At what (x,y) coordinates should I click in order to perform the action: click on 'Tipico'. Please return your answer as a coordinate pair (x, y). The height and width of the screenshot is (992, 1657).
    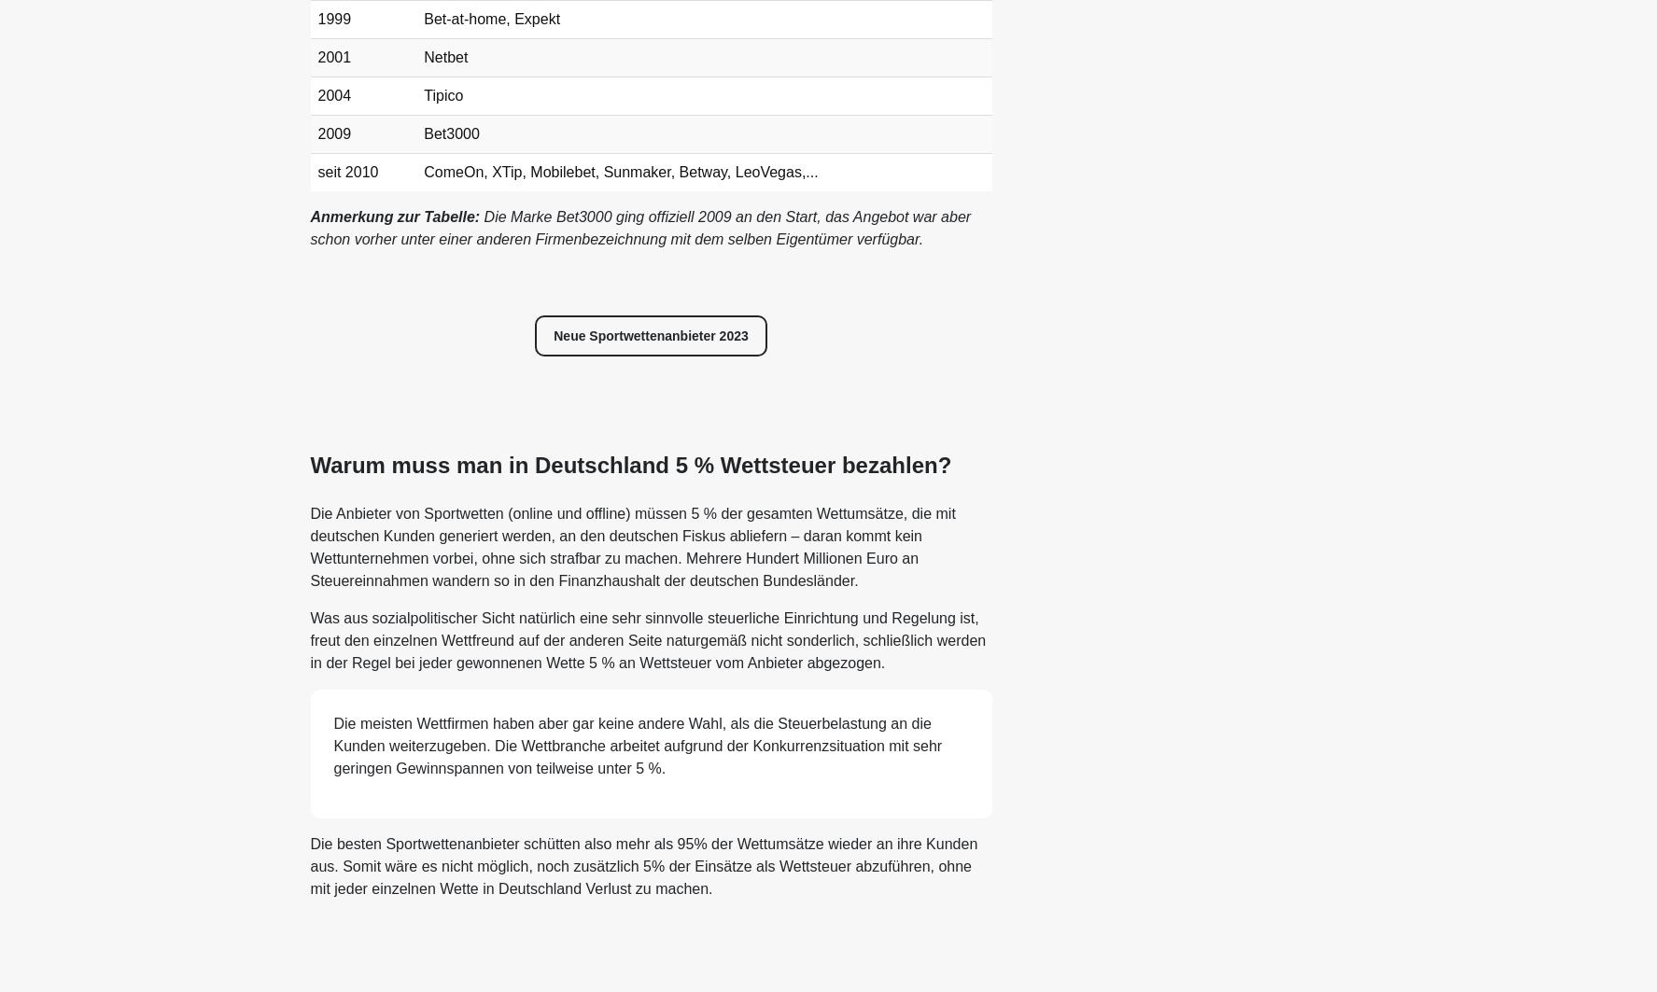
    Looking at the image, I should click on (442, 95).